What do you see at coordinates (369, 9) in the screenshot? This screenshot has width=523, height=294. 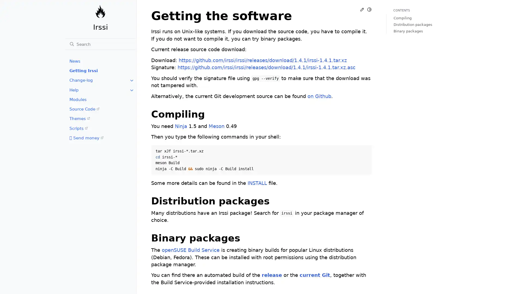 I see `Toggle Light / Dark / Auto color theme` at bounding box center [369, 9].